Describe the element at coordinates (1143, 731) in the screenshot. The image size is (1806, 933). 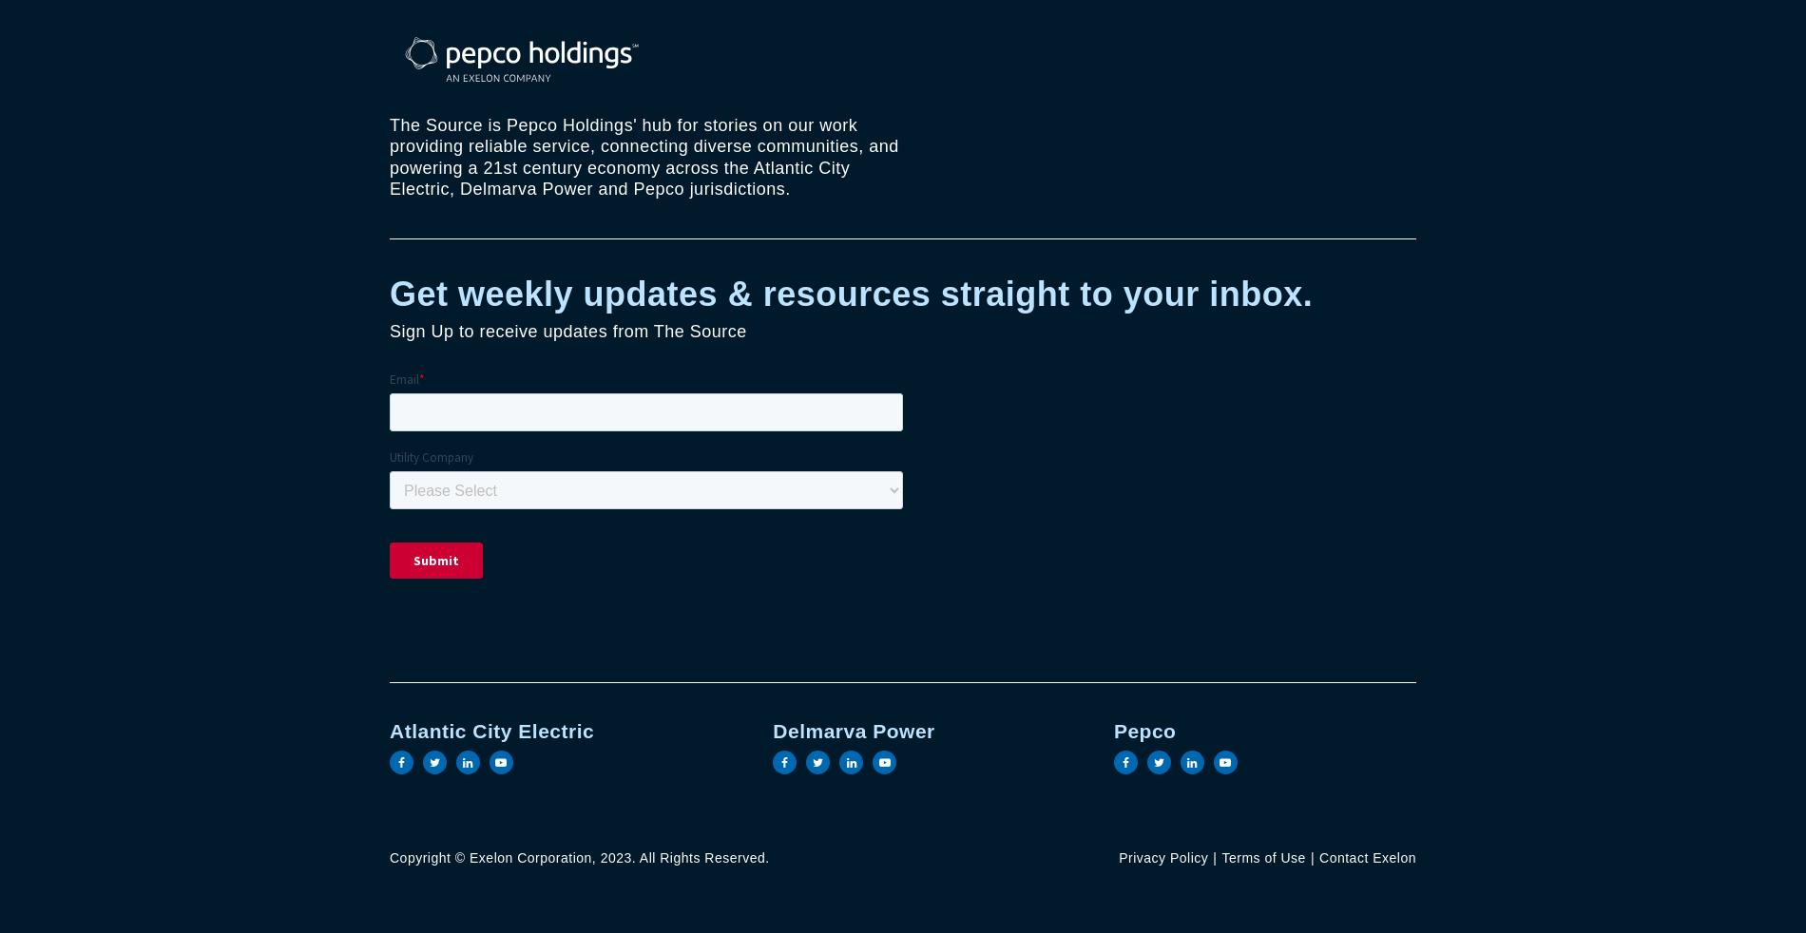
I see `'Pepco'` at that location.